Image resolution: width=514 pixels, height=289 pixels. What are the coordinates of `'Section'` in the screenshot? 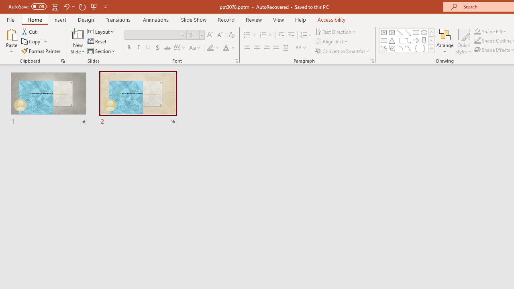 It's located at (102, 51).